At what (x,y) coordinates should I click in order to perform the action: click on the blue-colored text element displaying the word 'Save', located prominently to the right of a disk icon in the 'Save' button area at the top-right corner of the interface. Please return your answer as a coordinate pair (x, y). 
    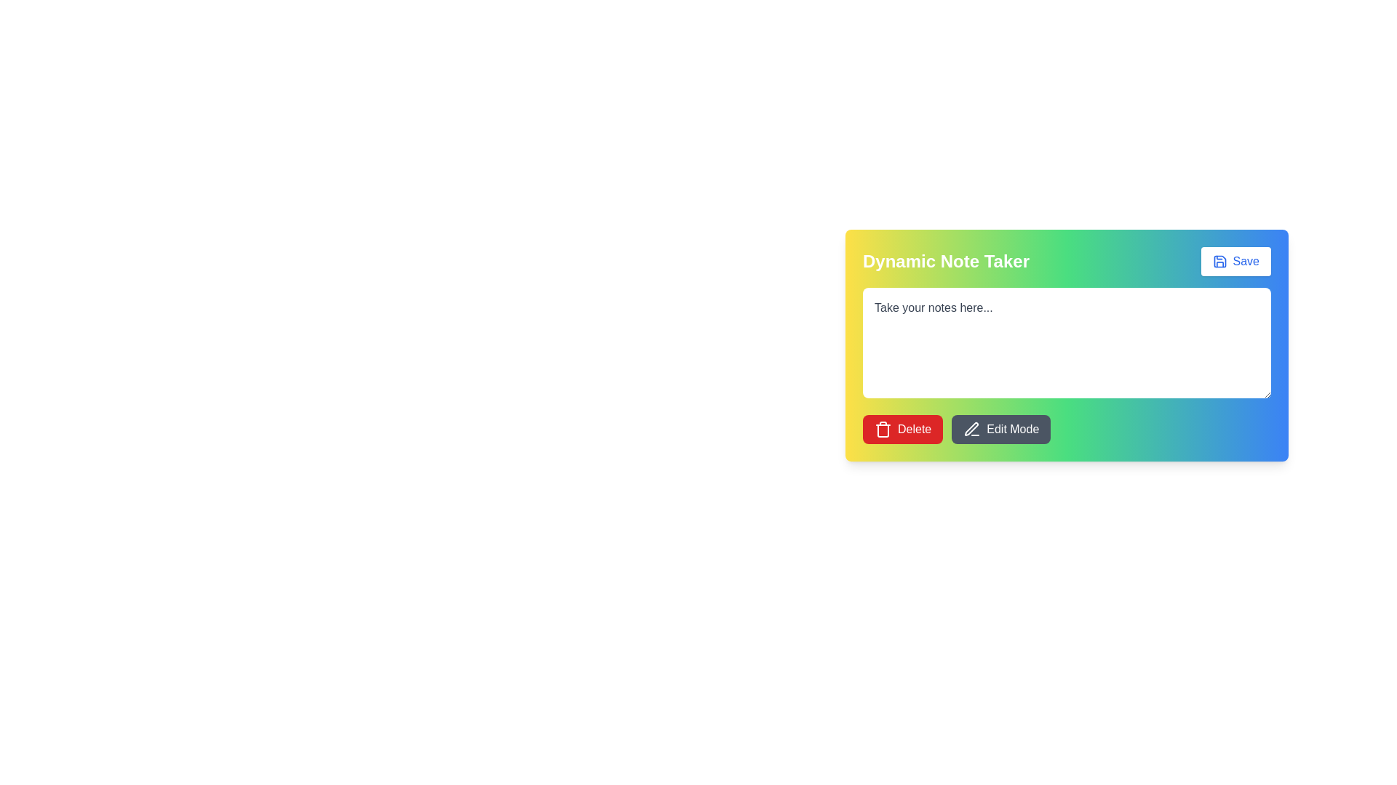
    Looking at the image, I should click on (1245, 260).